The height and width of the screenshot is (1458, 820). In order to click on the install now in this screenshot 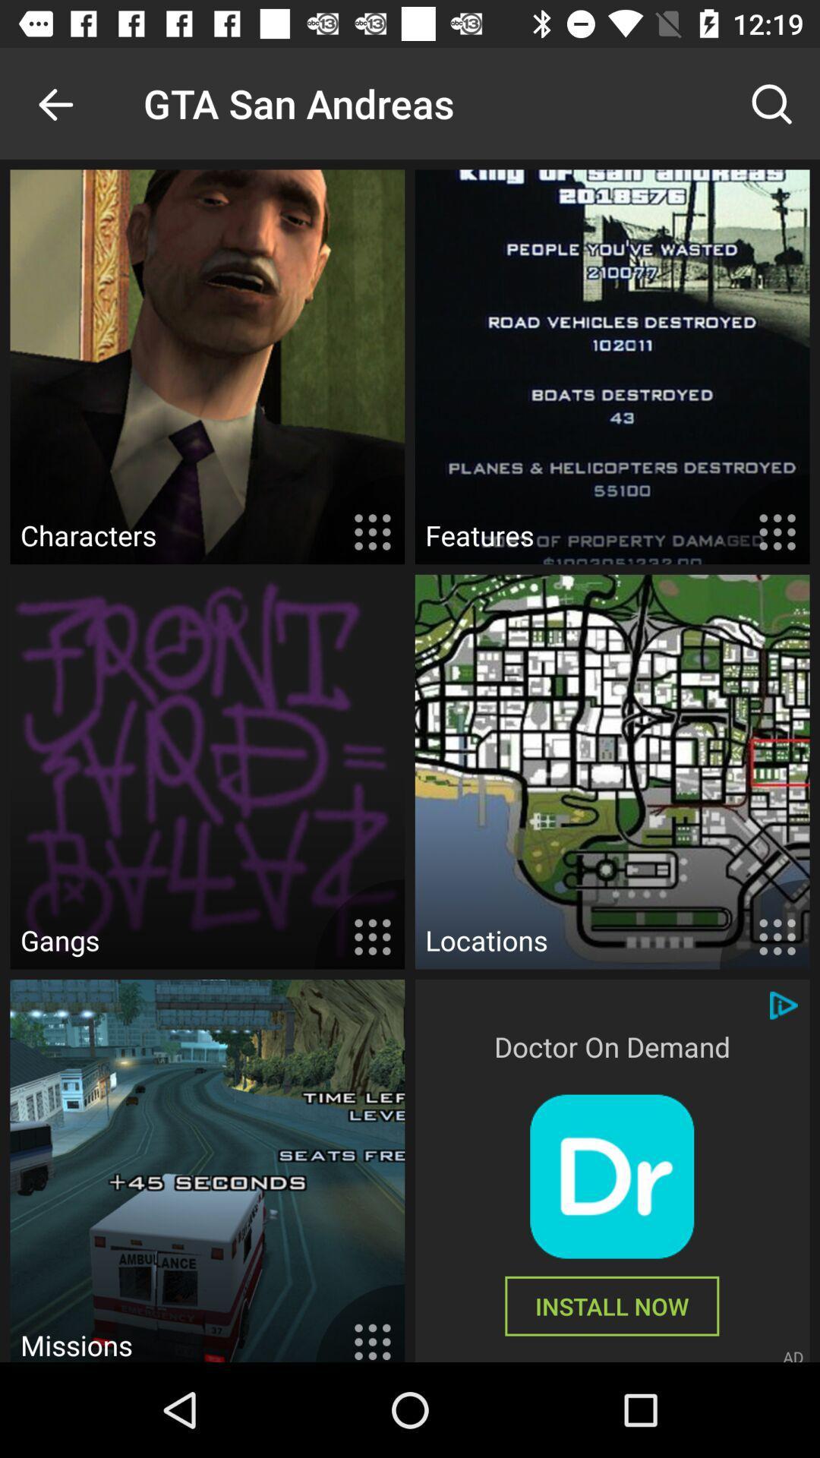, I will do `click(611, 1305)`.